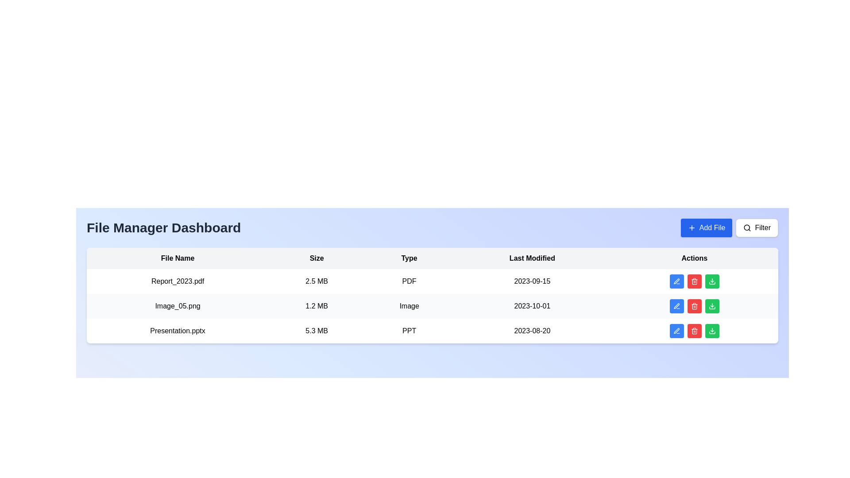 The height and width of the screenshot is (478, 850). What do you see at coordinates (694, 331) in the screenshot?
I see `the delete button with a red background and trash can icon, located in the 'Actions' column of the third row of the table` at bounding box center [694, 331].